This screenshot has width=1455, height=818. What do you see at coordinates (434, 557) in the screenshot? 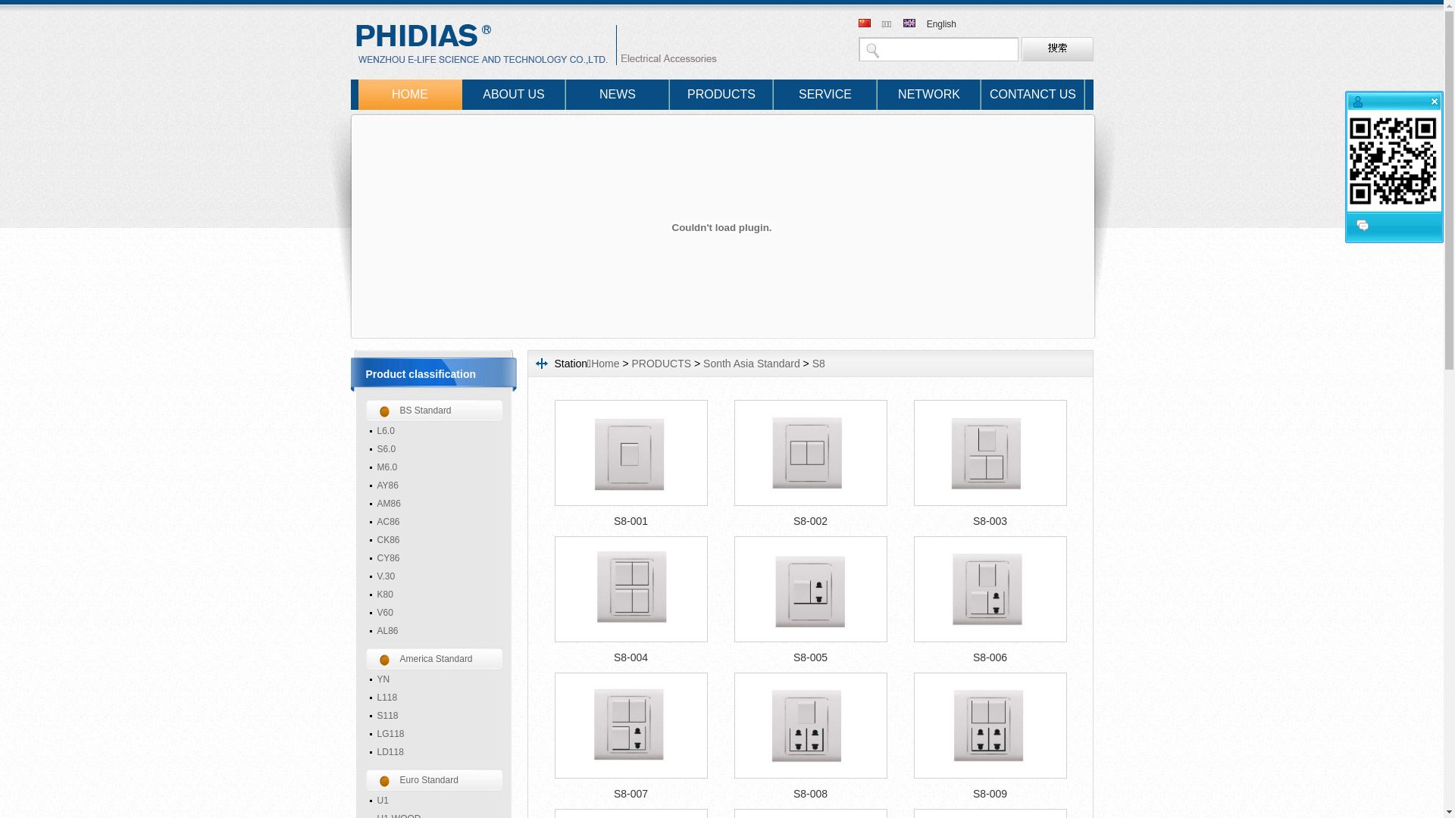
I see `'CY86'` at bounding box center [434, 557].